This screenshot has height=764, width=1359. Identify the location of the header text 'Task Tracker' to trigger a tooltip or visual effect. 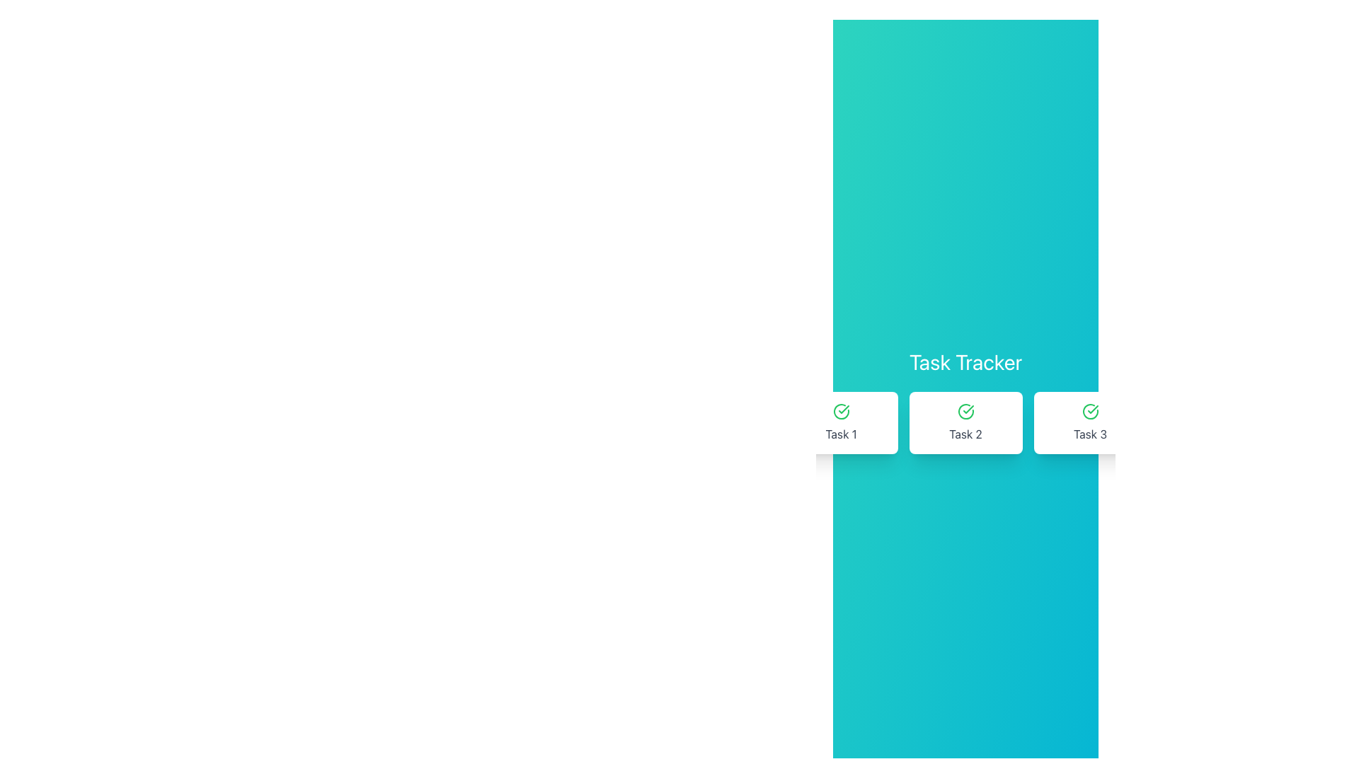
(965, 361).